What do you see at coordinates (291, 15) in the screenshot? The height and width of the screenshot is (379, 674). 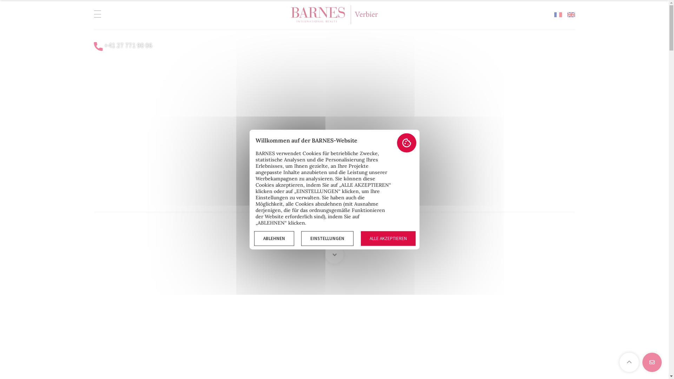 I see `'BARNES Suisse'` at bounding box center [291, 15].